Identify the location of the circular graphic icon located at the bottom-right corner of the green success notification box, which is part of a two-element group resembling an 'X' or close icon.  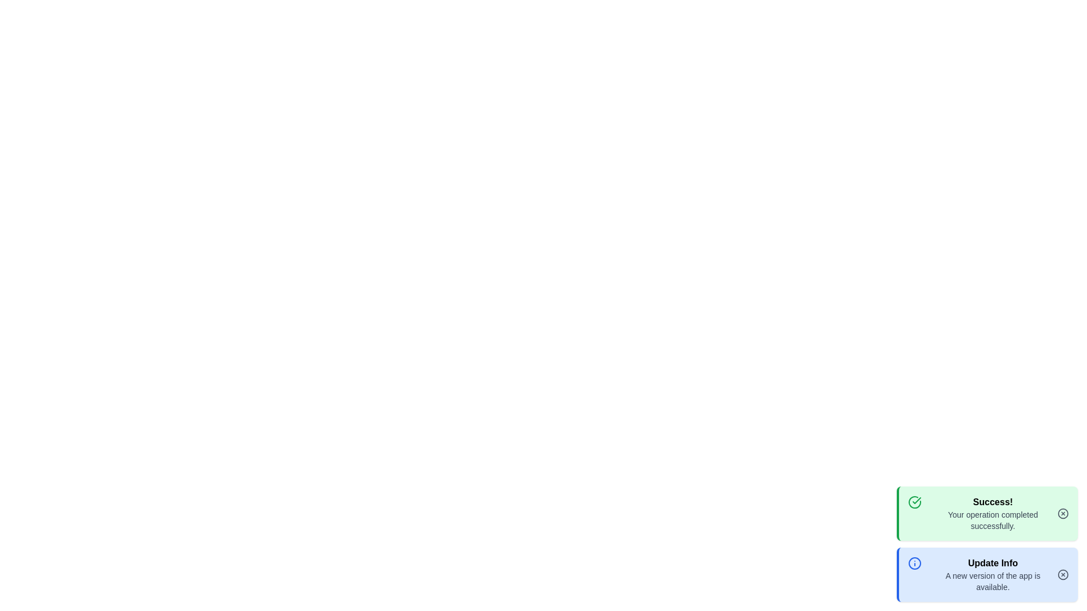
(1062, 513).